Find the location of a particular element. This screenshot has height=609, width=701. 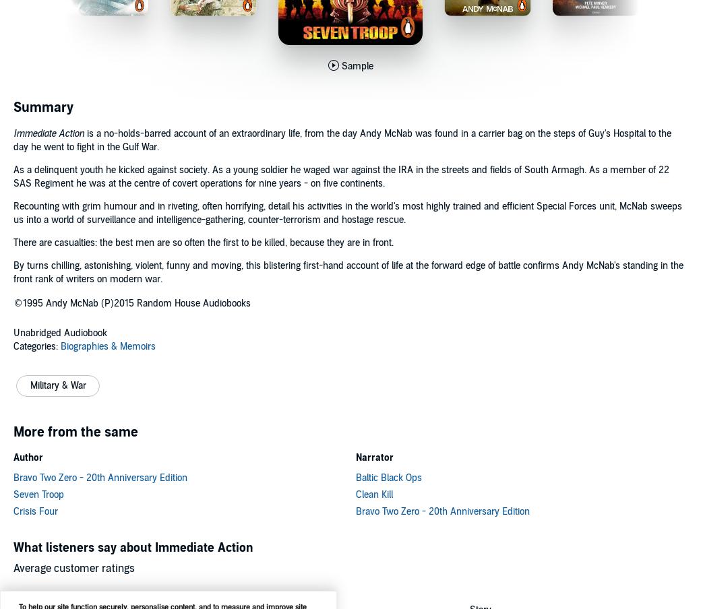

'Biographies & Memoirs' is located at coordinates (108, 346).